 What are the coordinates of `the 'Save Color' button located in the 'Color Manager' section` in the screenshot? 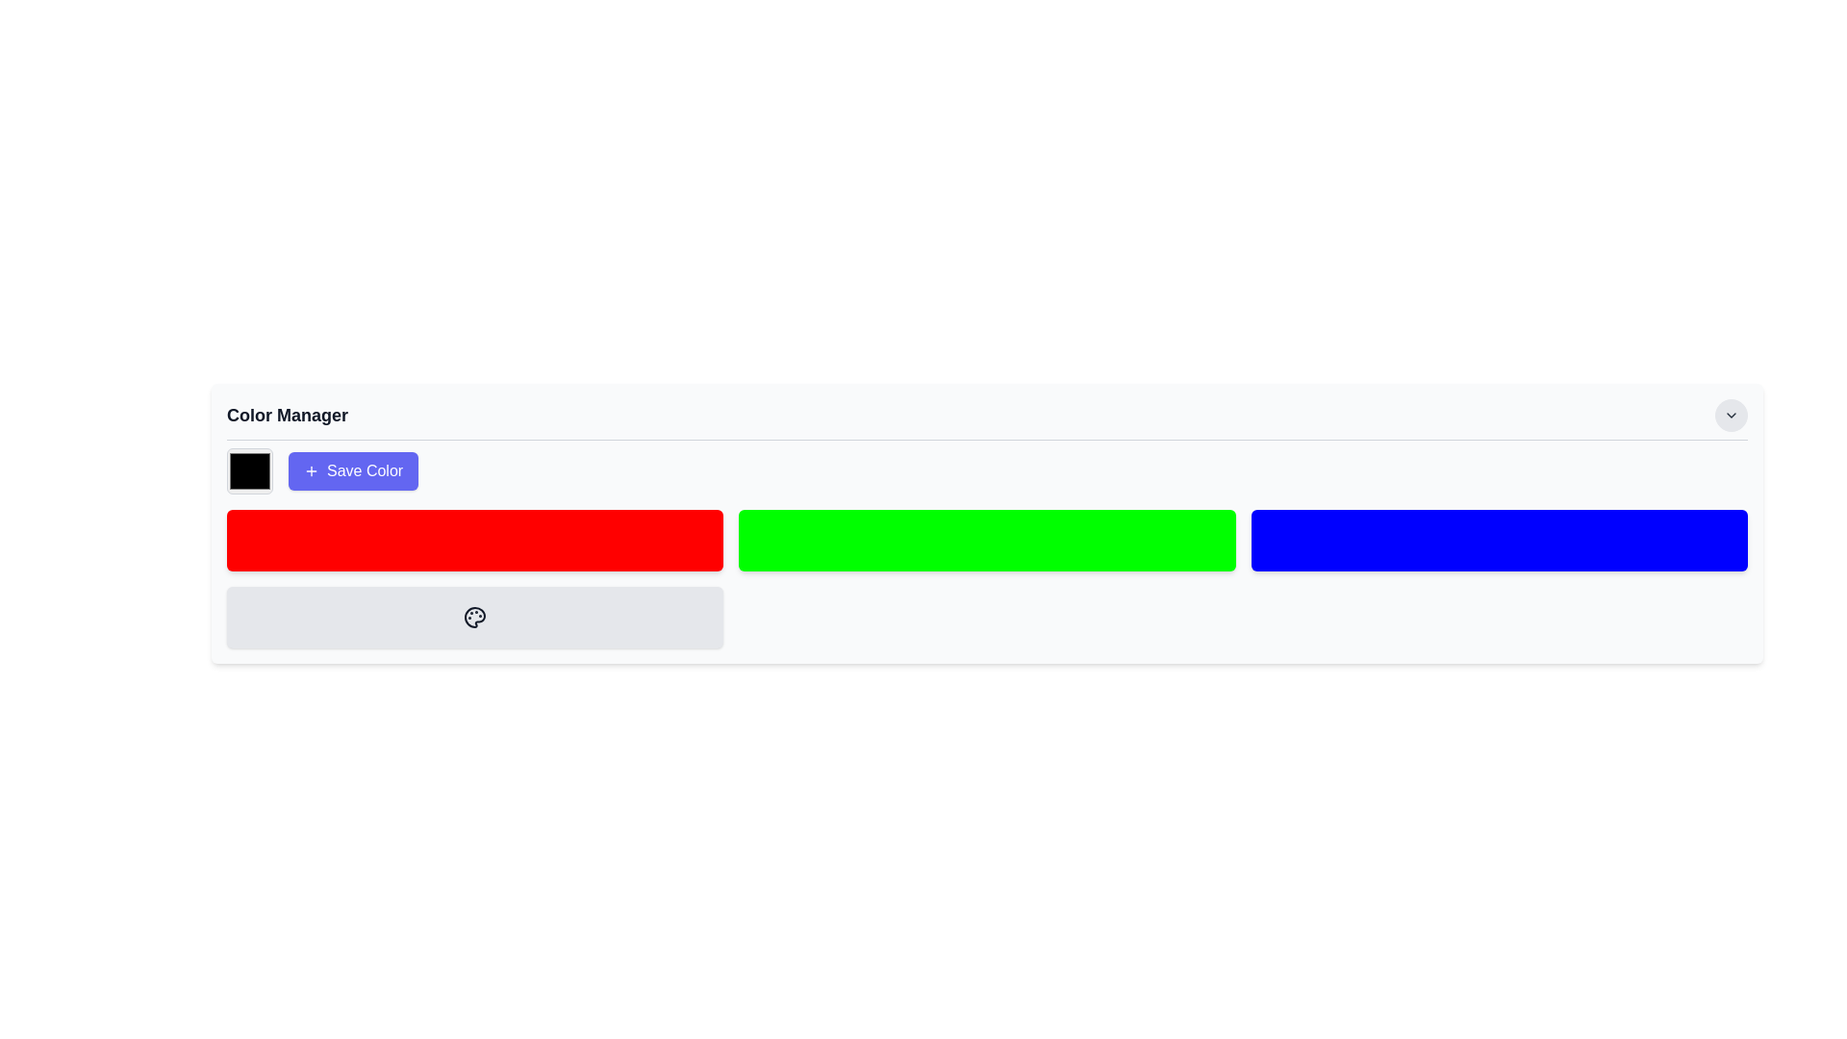 It's located at (987, 470).